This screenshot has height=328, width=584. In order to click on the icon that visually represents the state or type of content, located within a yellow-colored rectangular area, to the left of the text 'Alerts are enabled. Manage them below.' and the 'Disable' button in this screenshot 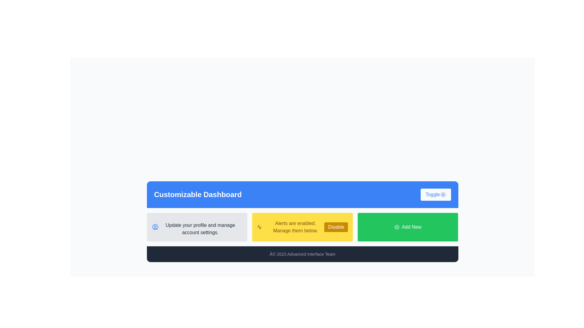, I will do `click(259, 227)`.